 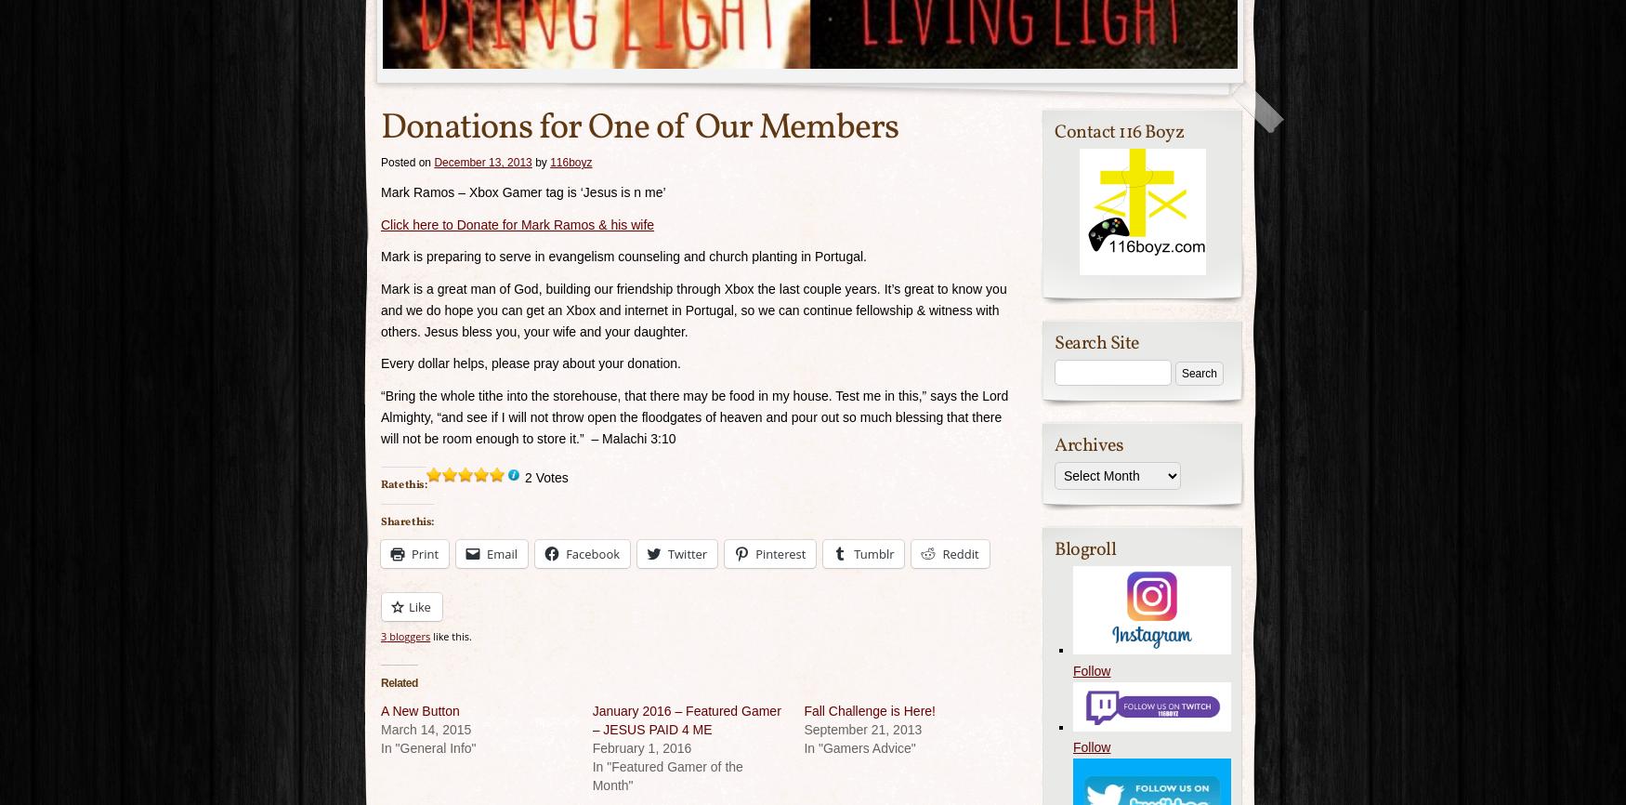 I want to click on 'Contact 116 Boyz', so click(x=1119, y=132).